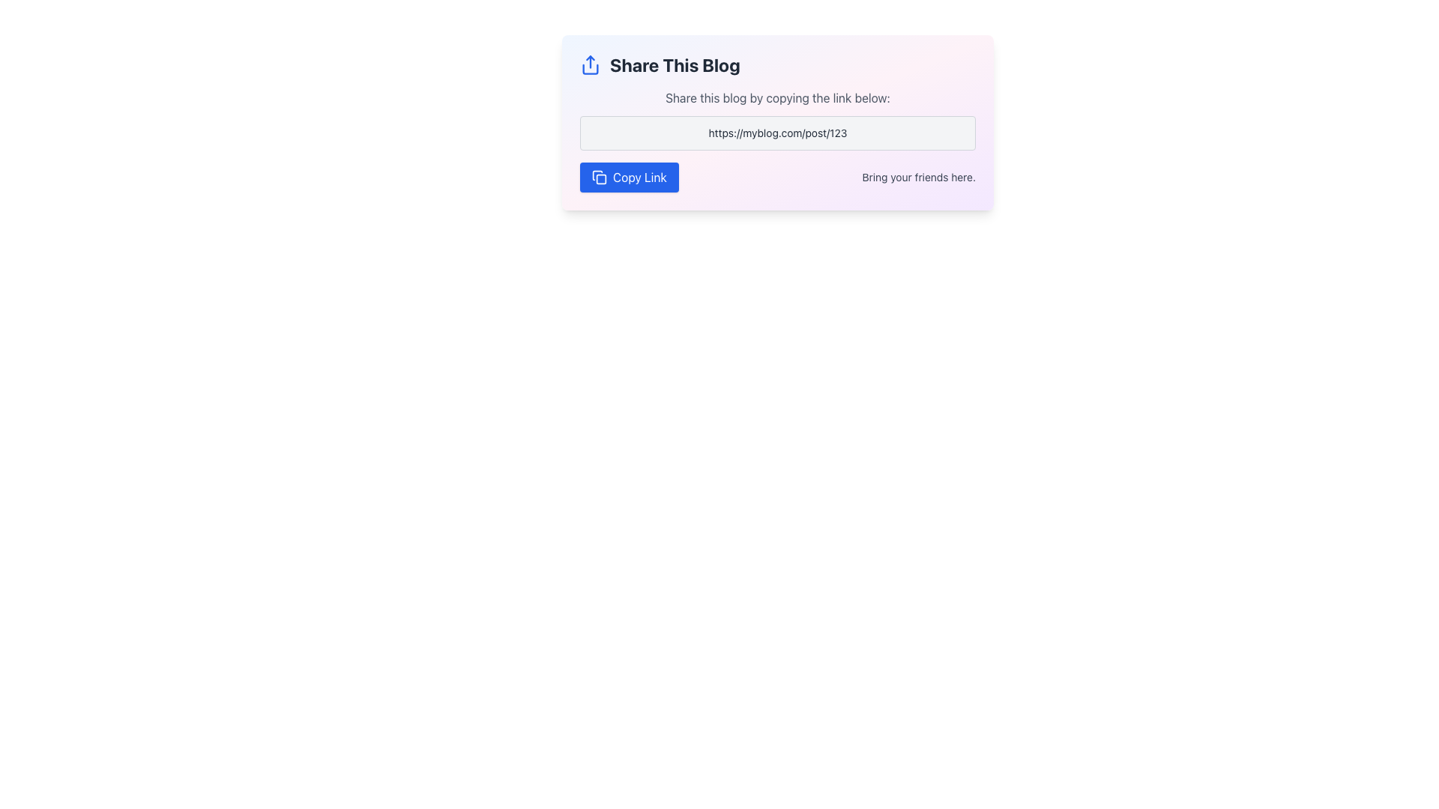 This screenshot has height=809, width=1439. What do you see at coordinates (597, 175) in the screenshot?
I see `the 'Copy Link' button icon, which is part of an SVG graphic located in the left region of the button` at bounding box center [597, 175].